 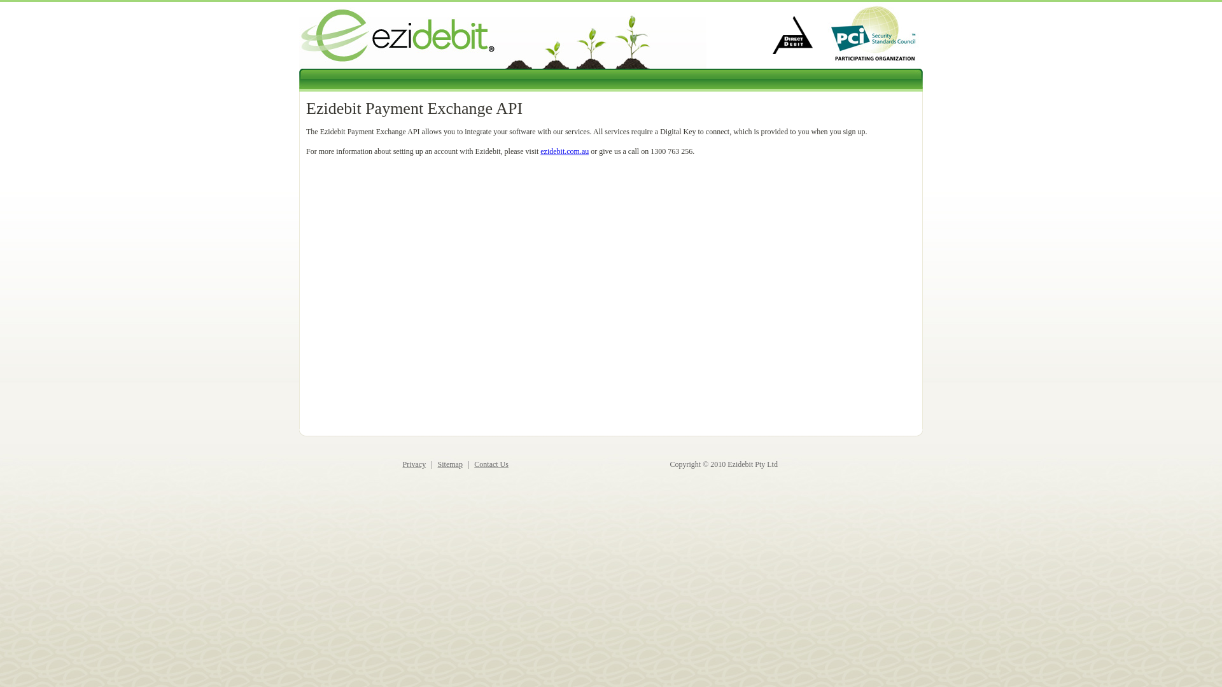 I want to click on 'Privacy', so click(x=414, y=464).